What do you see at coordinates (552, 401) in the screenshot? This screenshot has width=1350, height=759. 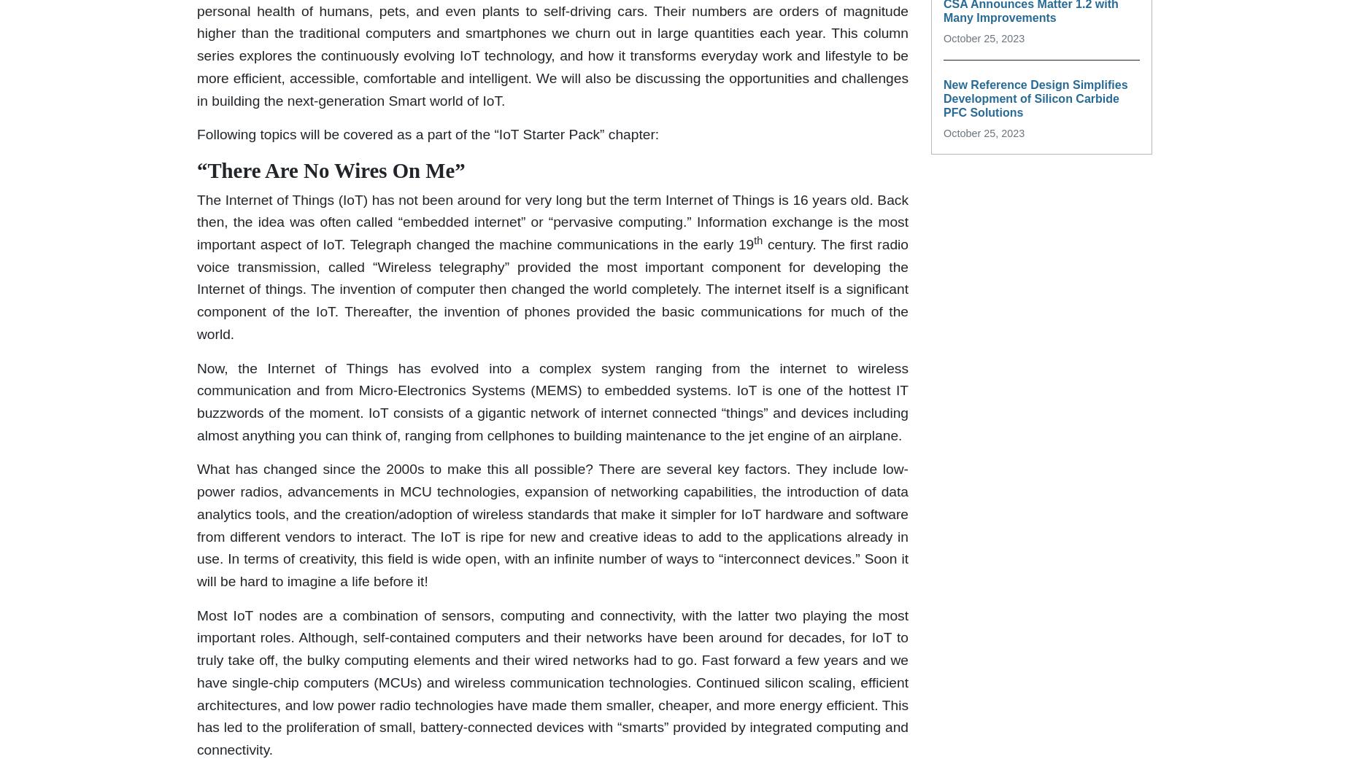 I see `'Now, the Internet of Things has evolved into a complex system ranging from the internet to wireless communication and from Micro-Electronics Systems (MEMS) to embedded systems. IoT is one of the hottest IT buzzwords of the moment. IoT consists of a gigantic network of internet connected “things” and devices including almost anything you can think of, ranging from cellphones to building maintenance to the jet engine of an airplane.'` at bounding box center [552, 401].